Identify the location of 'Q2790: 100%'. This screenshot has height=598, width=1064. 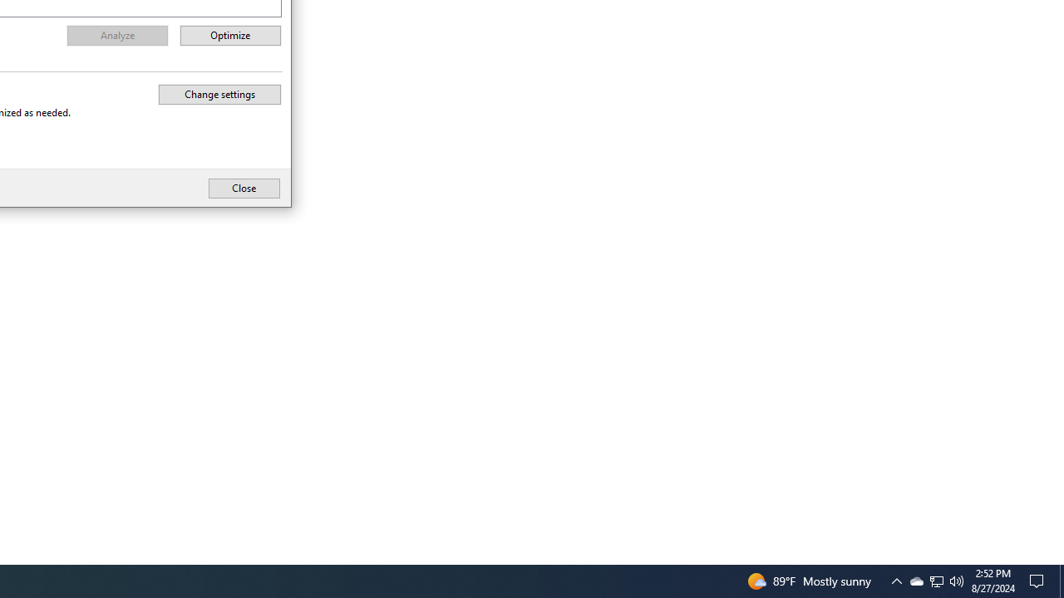
(957, 580).